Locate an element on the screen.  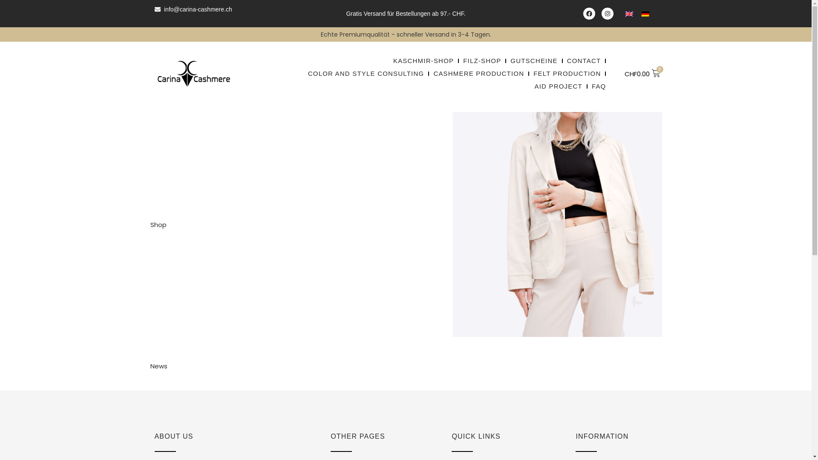
'CASHMERE PRODUCTION' is located at coordinates (433, 73).